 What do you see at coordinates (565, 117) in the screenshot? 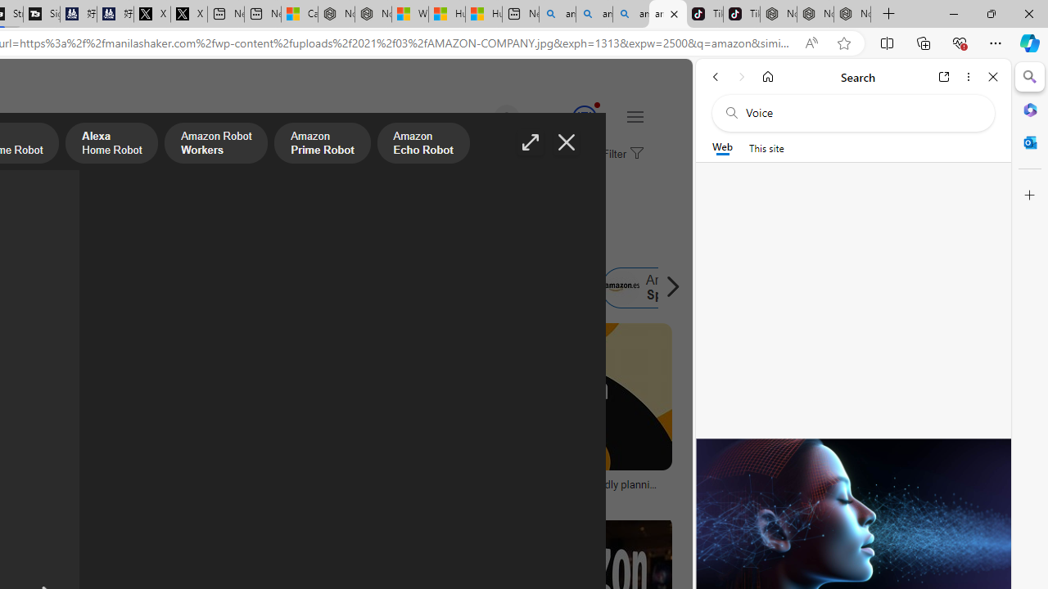
I see `'Microsoft Rewards 135'` at bounding box center [565, 117].